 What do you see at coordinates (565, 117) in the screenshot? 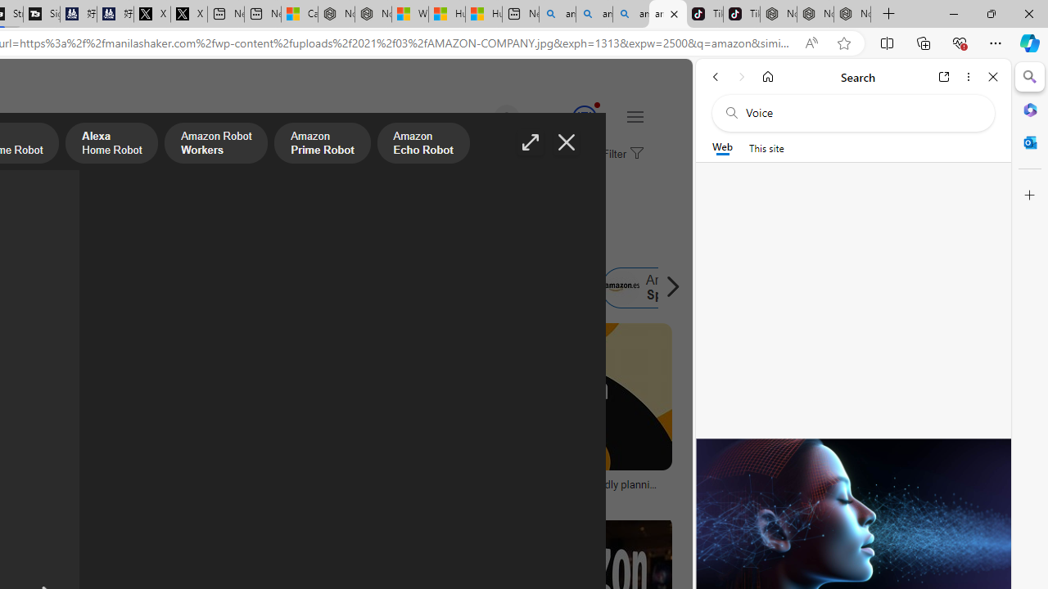
I see `'Microsoft Rewards 135'` at bounding box center [565, 117].